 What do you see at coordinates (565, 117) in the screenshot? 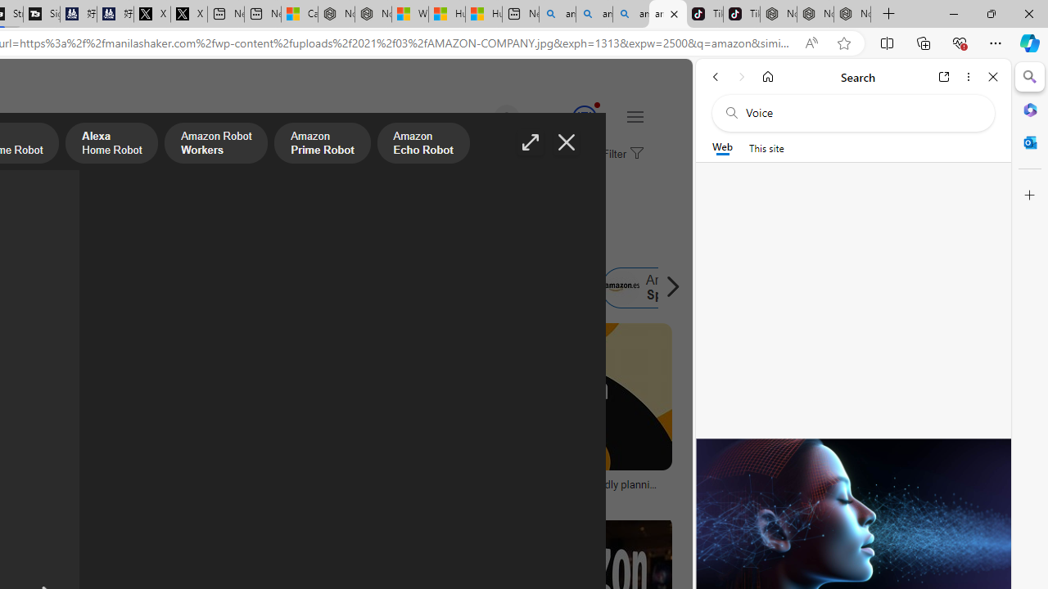
I see `'Microsoft Rewards 135'` at bounding box center [565, 117].